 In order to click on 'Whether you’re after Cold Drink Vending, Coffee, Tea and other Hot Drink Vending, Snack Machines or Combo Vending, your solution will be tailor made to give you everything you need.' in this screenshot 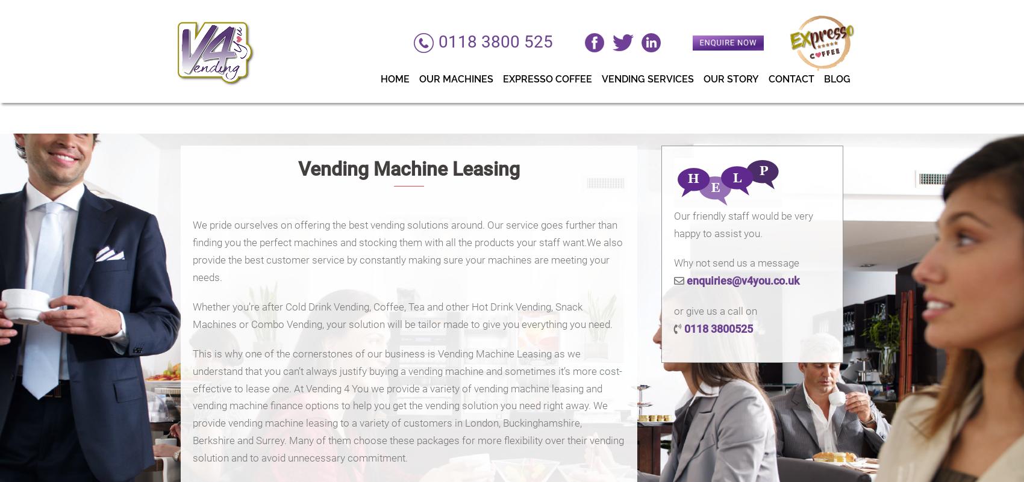, I will do `click(402, 315)`.